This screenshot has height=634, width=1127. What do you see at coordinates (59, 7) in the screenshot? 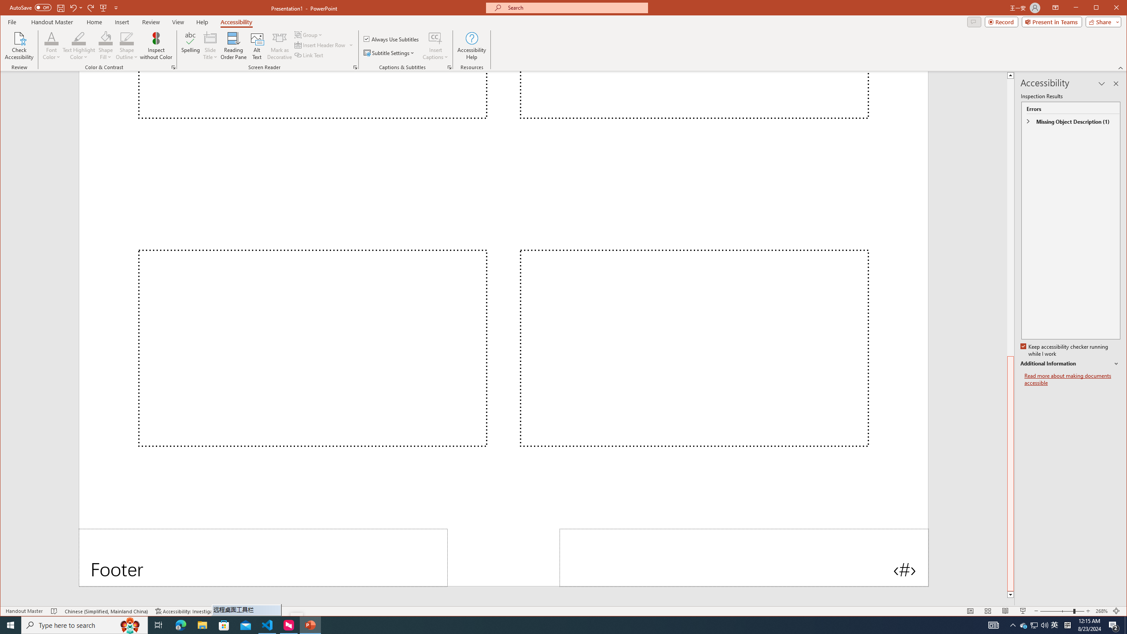
I see `'Save'` at bounding box center [59, 7].